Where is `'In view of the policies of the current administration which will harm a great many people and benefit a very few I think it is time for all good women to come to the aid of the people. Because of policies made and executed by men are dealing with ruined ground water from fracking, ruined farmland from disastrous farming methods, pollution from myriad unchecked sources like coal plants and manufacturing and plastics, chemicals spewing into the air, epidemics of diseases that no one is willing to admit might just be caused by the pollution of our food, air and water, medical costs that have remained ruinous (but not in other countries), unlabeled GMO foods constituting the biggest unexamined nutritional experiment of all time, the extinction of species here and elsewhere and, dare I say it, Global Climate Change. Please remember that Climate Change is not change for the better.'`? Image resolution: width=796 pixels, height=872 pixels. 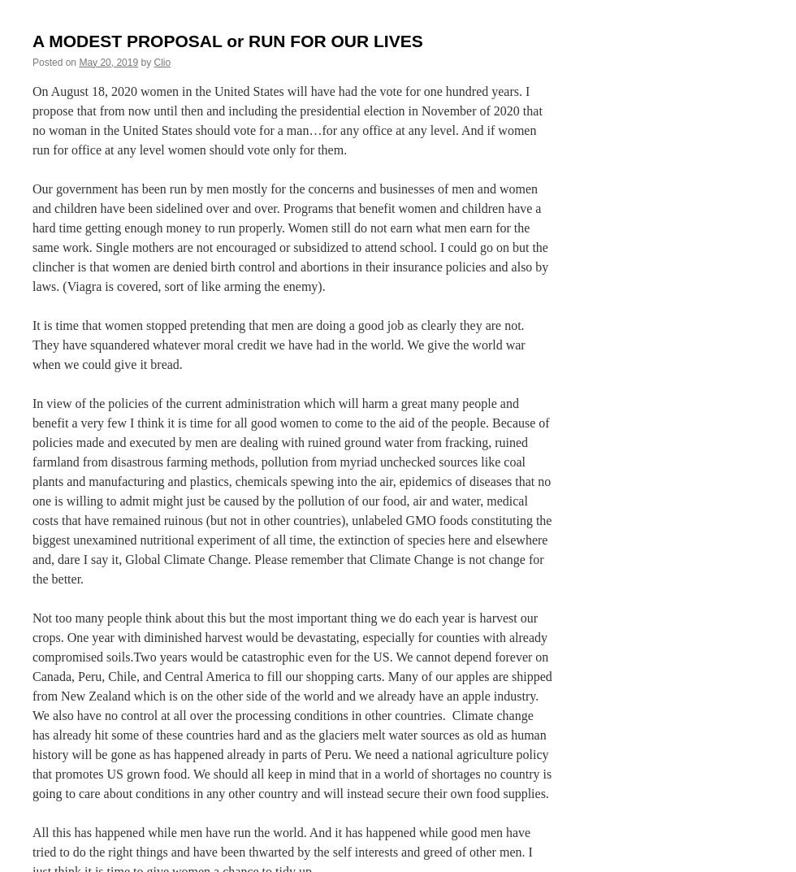 'In view of the policies of the current administration which will harm a great many people and benefit a very few I think it is time for all good women to come to the aid of the people. Because of policies made and executed by men are dealing with ruined ground water from fracking, ruined farmland from disastrous farming methods, pollution from myriad unchecked sources like coal plants and manufacturing and plastics, chemicals spewing into the air, epidemics of diseases that no one is willing to admit might just be caused by the pollution of our food, air and water, medical costs that have remained ruinous (but not in other countries), unlabeled GMO foods constituting the biggest unexamined nutritional experiment of all time, the extinction of species here and elsewhere and, dare I say it, Global Climate Change. Please remember that Climate Change is not change for the better.' is located at coordinates (292, 489).